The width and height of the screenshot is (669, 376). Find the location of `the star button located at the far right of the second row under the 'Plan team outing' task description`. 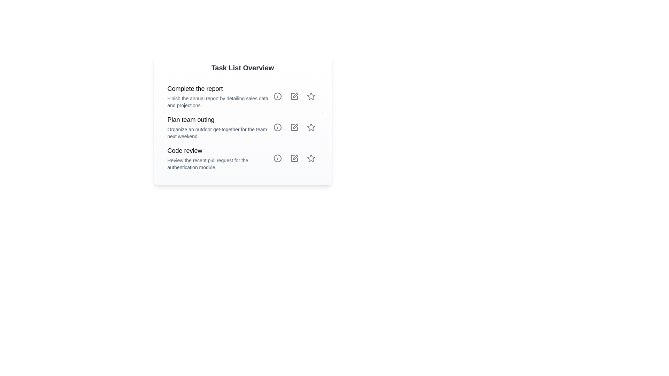

the star button located at the far right of the second row under the 'Plan team outing' task description is located at coordinates (310, 127).